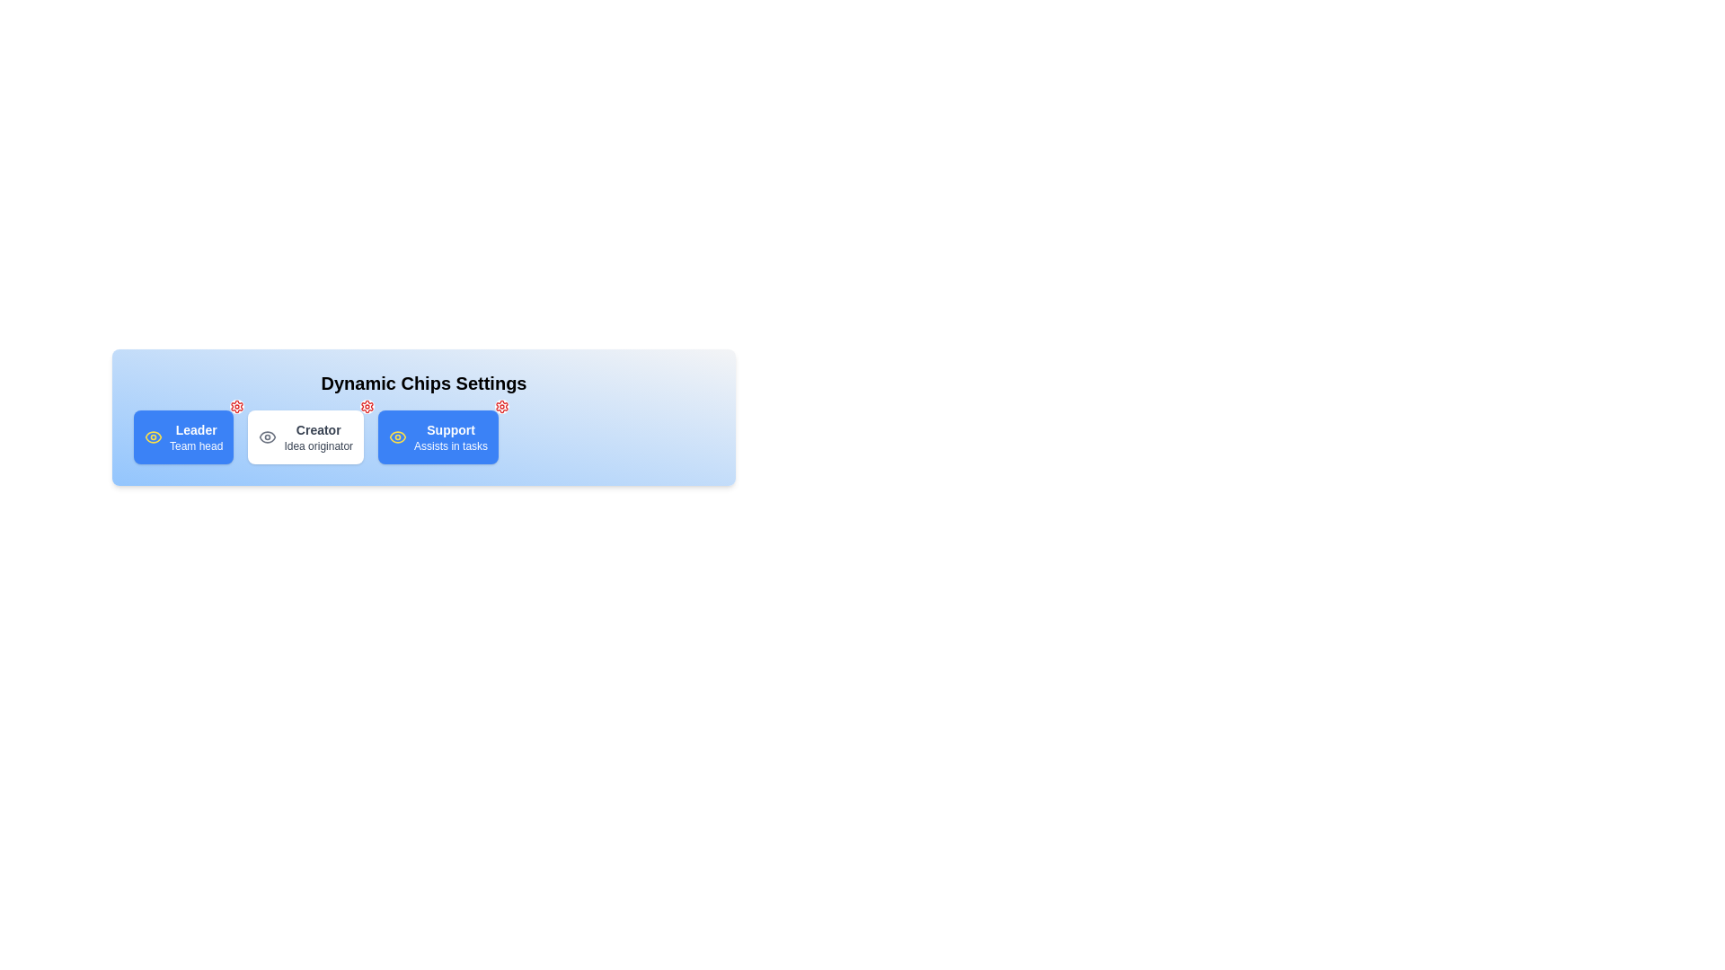  What do you see at coordinates (502, 406) in the screenshot?
I see `the settings icon for the chip labeled Support` at bounding box center [502, 406].